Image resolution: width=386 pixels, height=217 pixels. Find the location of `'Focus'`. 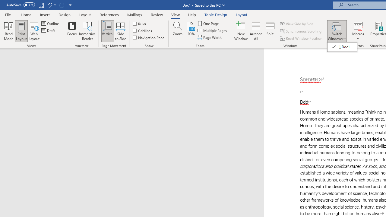

'Focus' is located at coordinates (72, 31).